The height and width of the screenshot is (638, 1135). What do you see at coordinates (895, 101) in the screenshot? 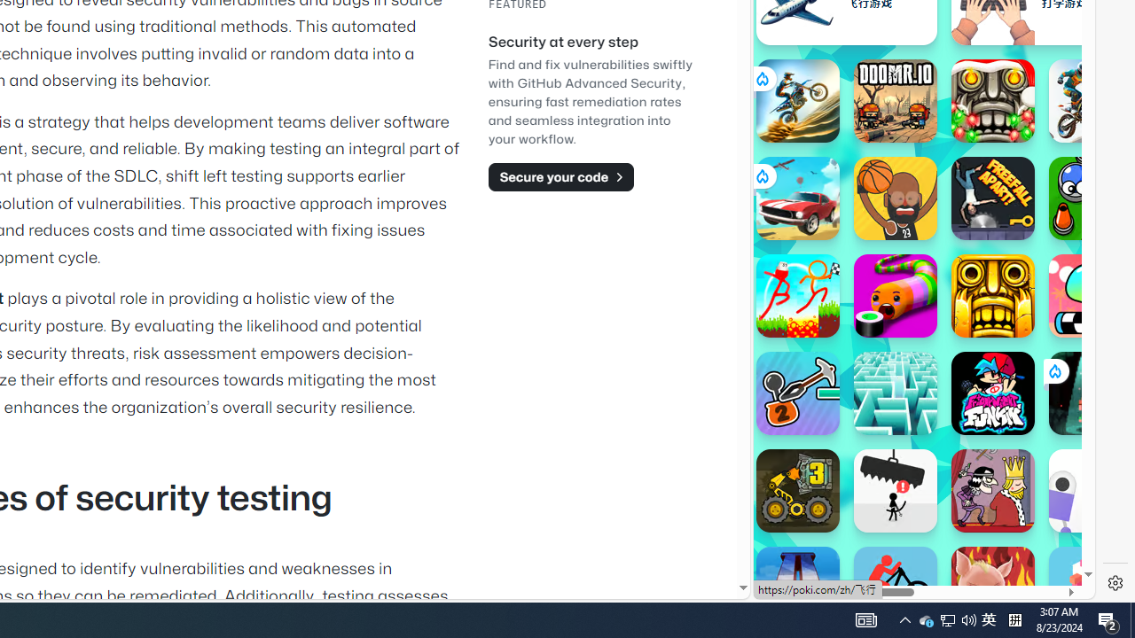
I see `'Doomr.io'` at bounding box center [895, 101].